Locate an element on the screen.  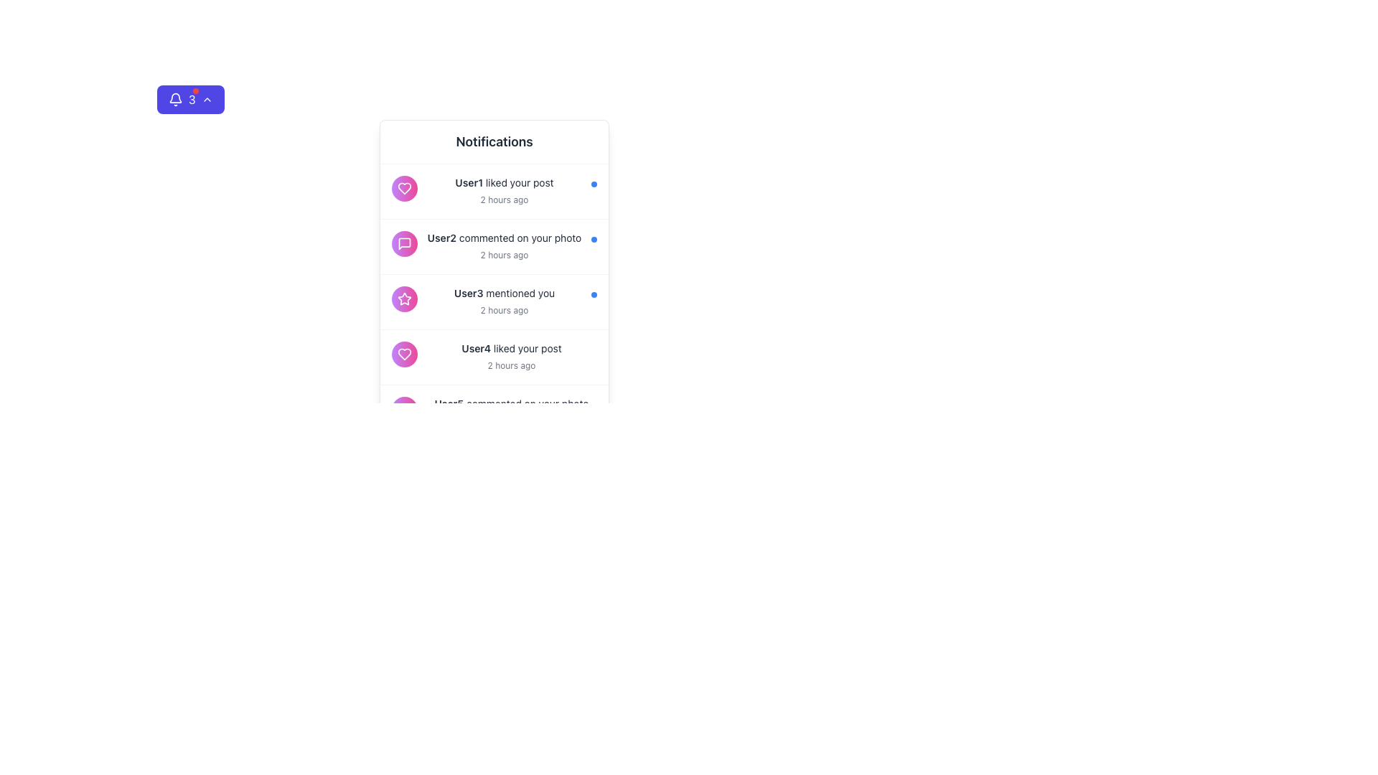
the second notification list item that informs the user that 'User2 commented on your photo', located between 'User1 liked your post' and 'User3 mentioned you' is located at coordinates (495, 246).